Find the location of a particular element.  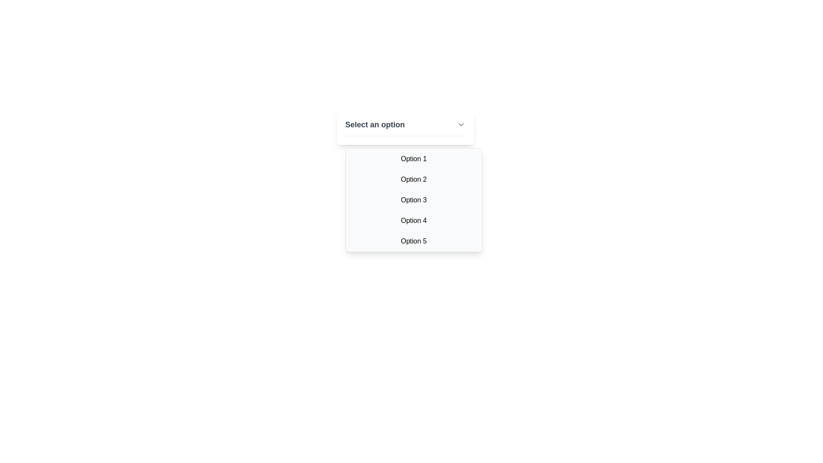

the fifth option in the dropdown menu labeled 'Select an option' is located at coordinates (414, 241).